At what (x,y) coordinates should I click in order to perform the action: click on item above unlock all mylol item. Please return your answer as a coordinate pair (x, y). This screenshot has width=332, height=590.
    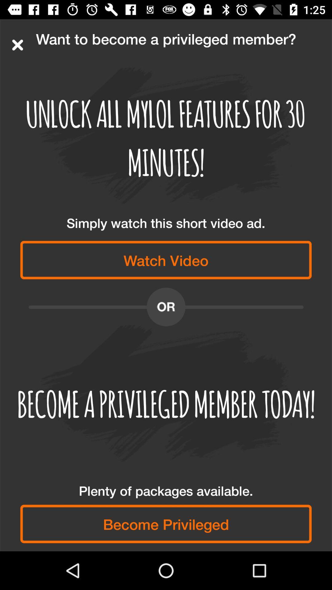
    Looking at the image, I should click on (17, 45).